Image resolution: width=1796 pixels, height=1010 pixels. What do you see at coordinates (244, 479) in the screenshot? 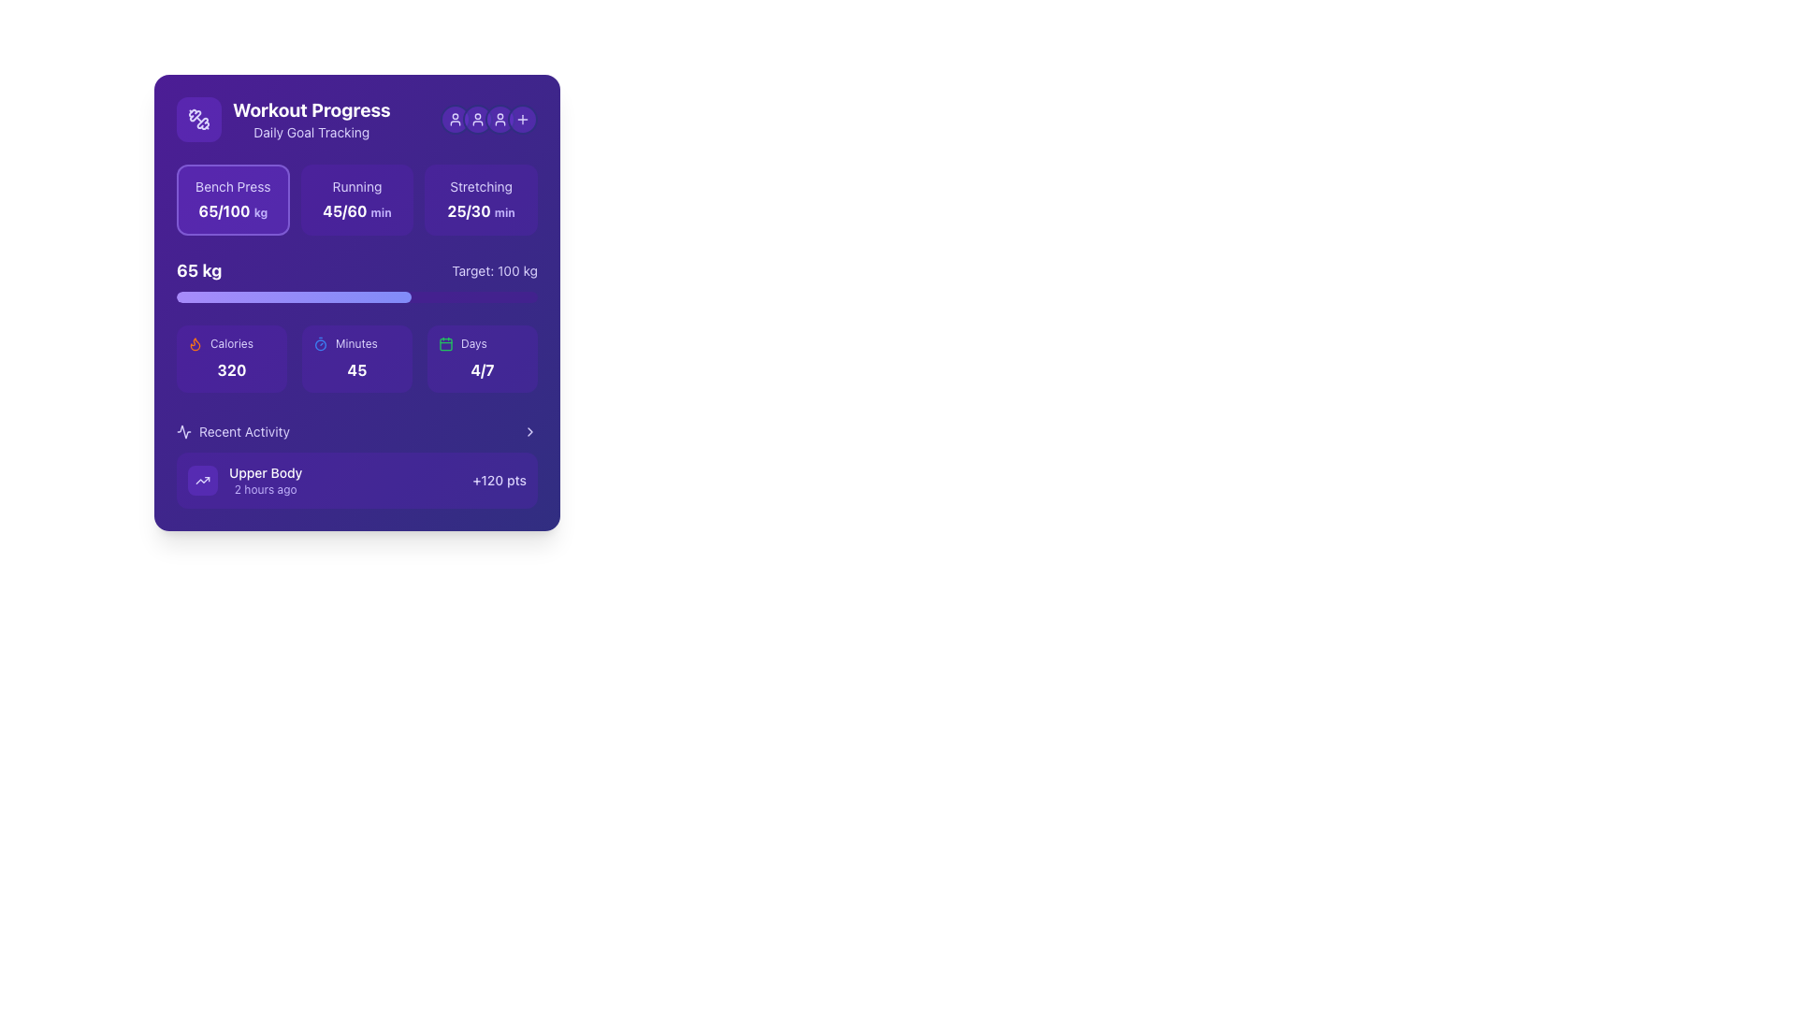
I see `the activity log entry for 'Upper Body' performed 2 hours ago` at bounding box center [244, 479].